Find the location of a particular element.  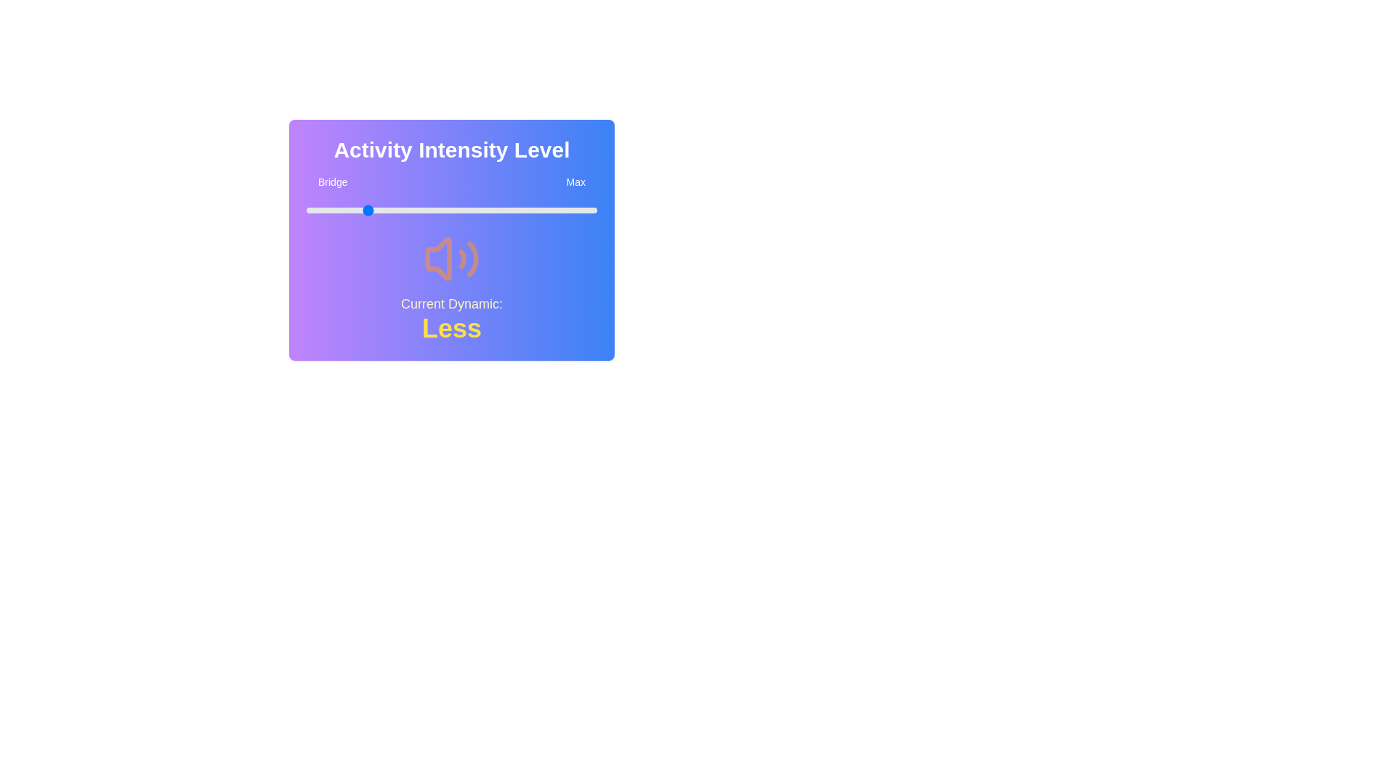

the slider to set the value to 11 is located at coordinates (337, 210).